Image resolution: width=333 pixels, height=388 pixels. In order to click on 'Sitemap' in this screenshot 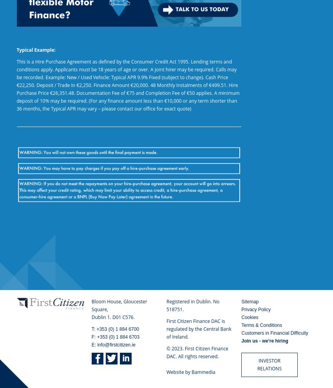, I will do `click(250, 302)`.